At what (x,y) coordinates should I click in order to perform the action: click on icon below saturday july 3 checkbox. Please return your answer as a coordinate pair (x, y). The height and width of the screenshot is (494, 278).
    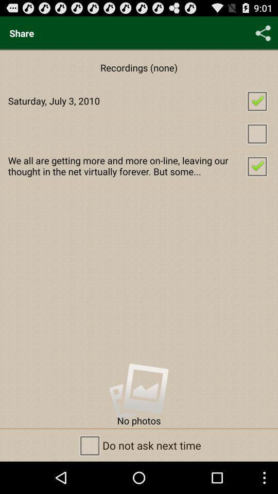
    Looking at the image, I should click on (139, 133).